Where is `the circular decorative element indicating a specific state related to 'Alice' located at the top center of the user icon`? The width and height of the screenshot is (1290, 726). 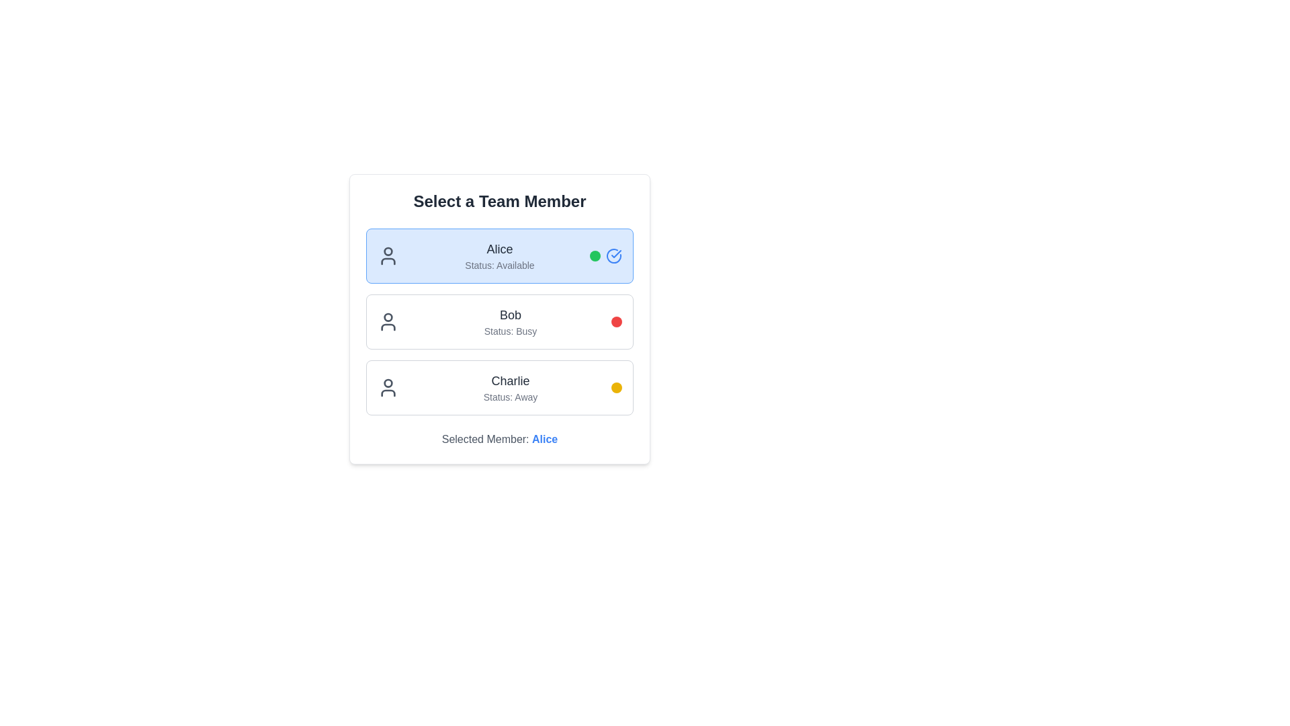
the circular decorative element indicating a specific state related to 'Alice' located at the top center of the user icon is located at coordinates (387, 251).